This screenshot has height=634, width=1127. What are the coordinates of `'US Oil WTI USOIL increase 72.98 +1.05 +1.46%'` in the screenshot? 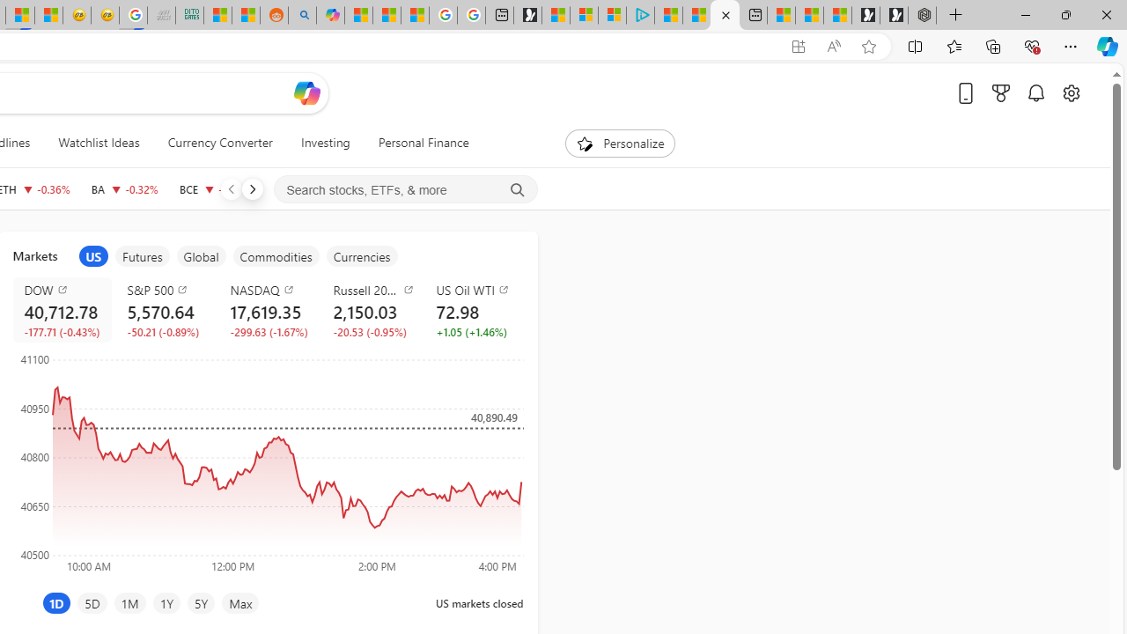 It's located at (474, 309).